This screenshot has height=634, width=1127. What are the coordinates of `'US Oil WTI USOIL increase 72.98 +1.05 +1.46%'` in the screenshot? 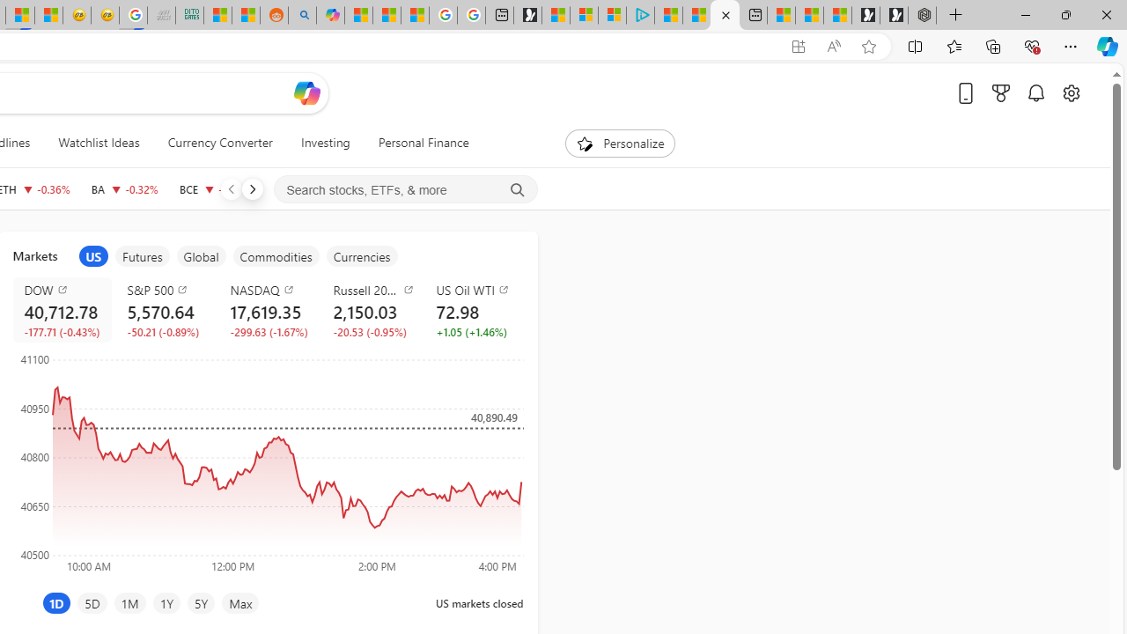 It's located at (474, 309).